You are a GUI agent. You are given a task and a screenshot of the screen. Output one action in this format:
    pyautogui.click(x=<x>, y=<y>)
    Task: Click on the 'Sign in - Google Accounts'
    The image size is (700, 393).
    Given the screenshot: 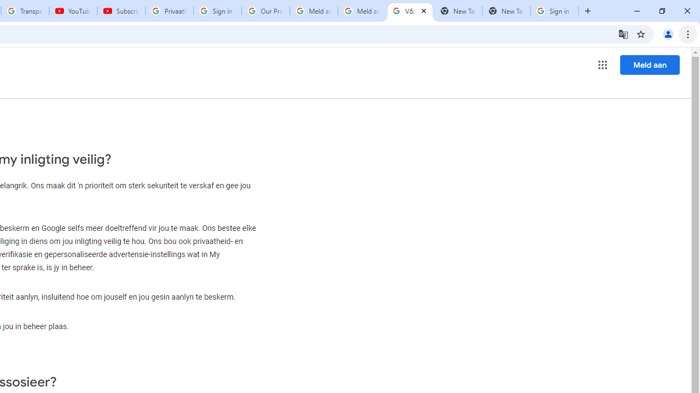 What is the action you would take?
    pyautogui.click(x=555, y=11)
    